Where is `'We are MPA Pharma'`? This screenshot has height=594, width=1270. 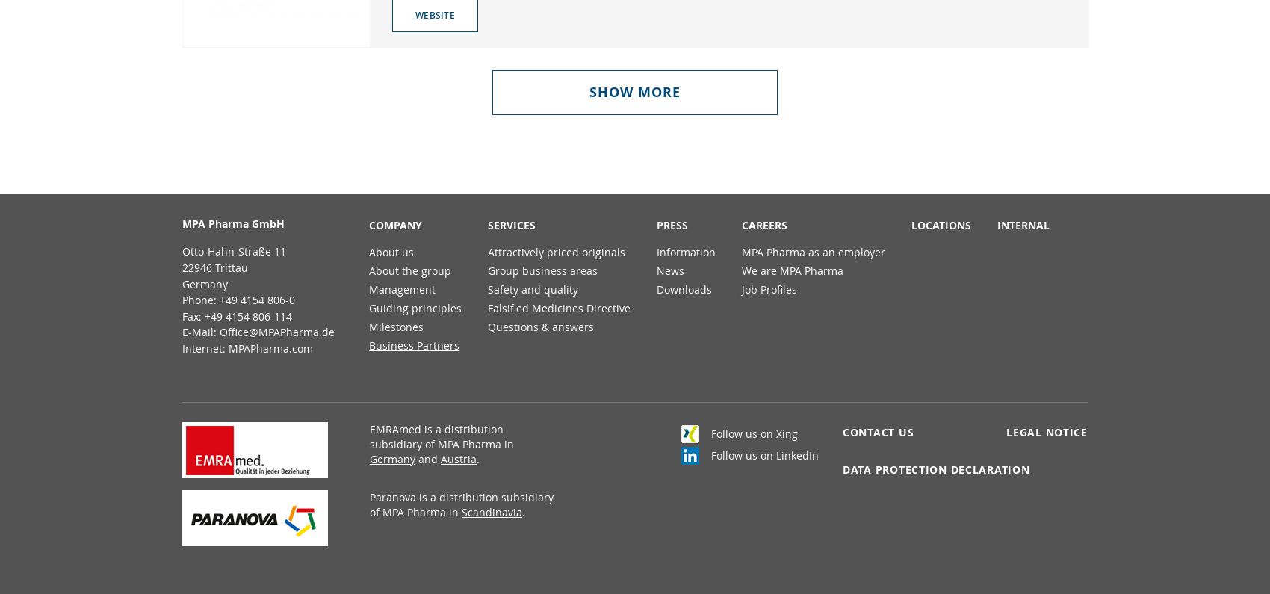
'We are MPA Pharma' is located at coordinates (791, 270).